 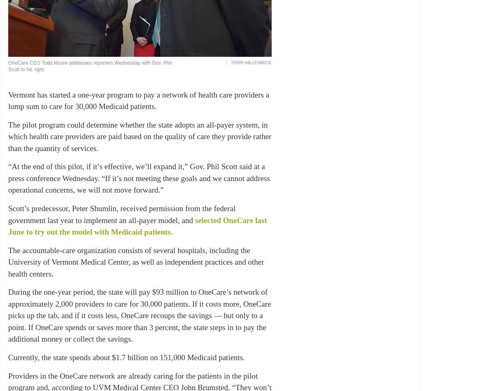 I want to click on 'Scott’s predecessor, Peter Shumlin, received permission from the federal government last year to implement an all-payer model, and', so click(x=122, y=214).